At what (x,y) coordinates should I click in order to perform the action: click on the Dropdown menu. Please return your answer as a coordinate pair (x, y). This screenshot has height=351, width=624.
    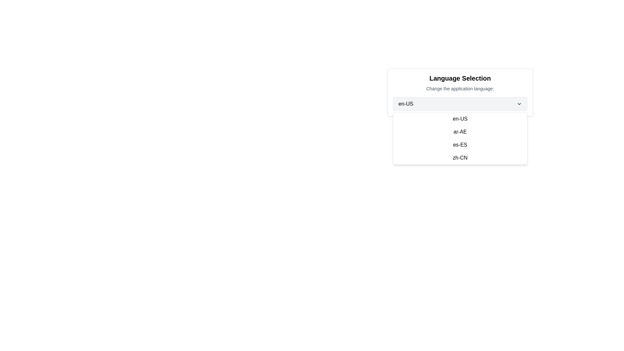
    Looking at the image, I should click on (460, 138).